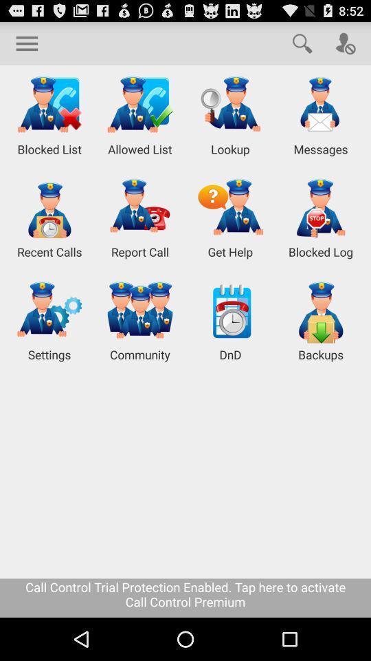 This screenshot has height=661, width=371. I want to click on the search icon, so click(302, 46).